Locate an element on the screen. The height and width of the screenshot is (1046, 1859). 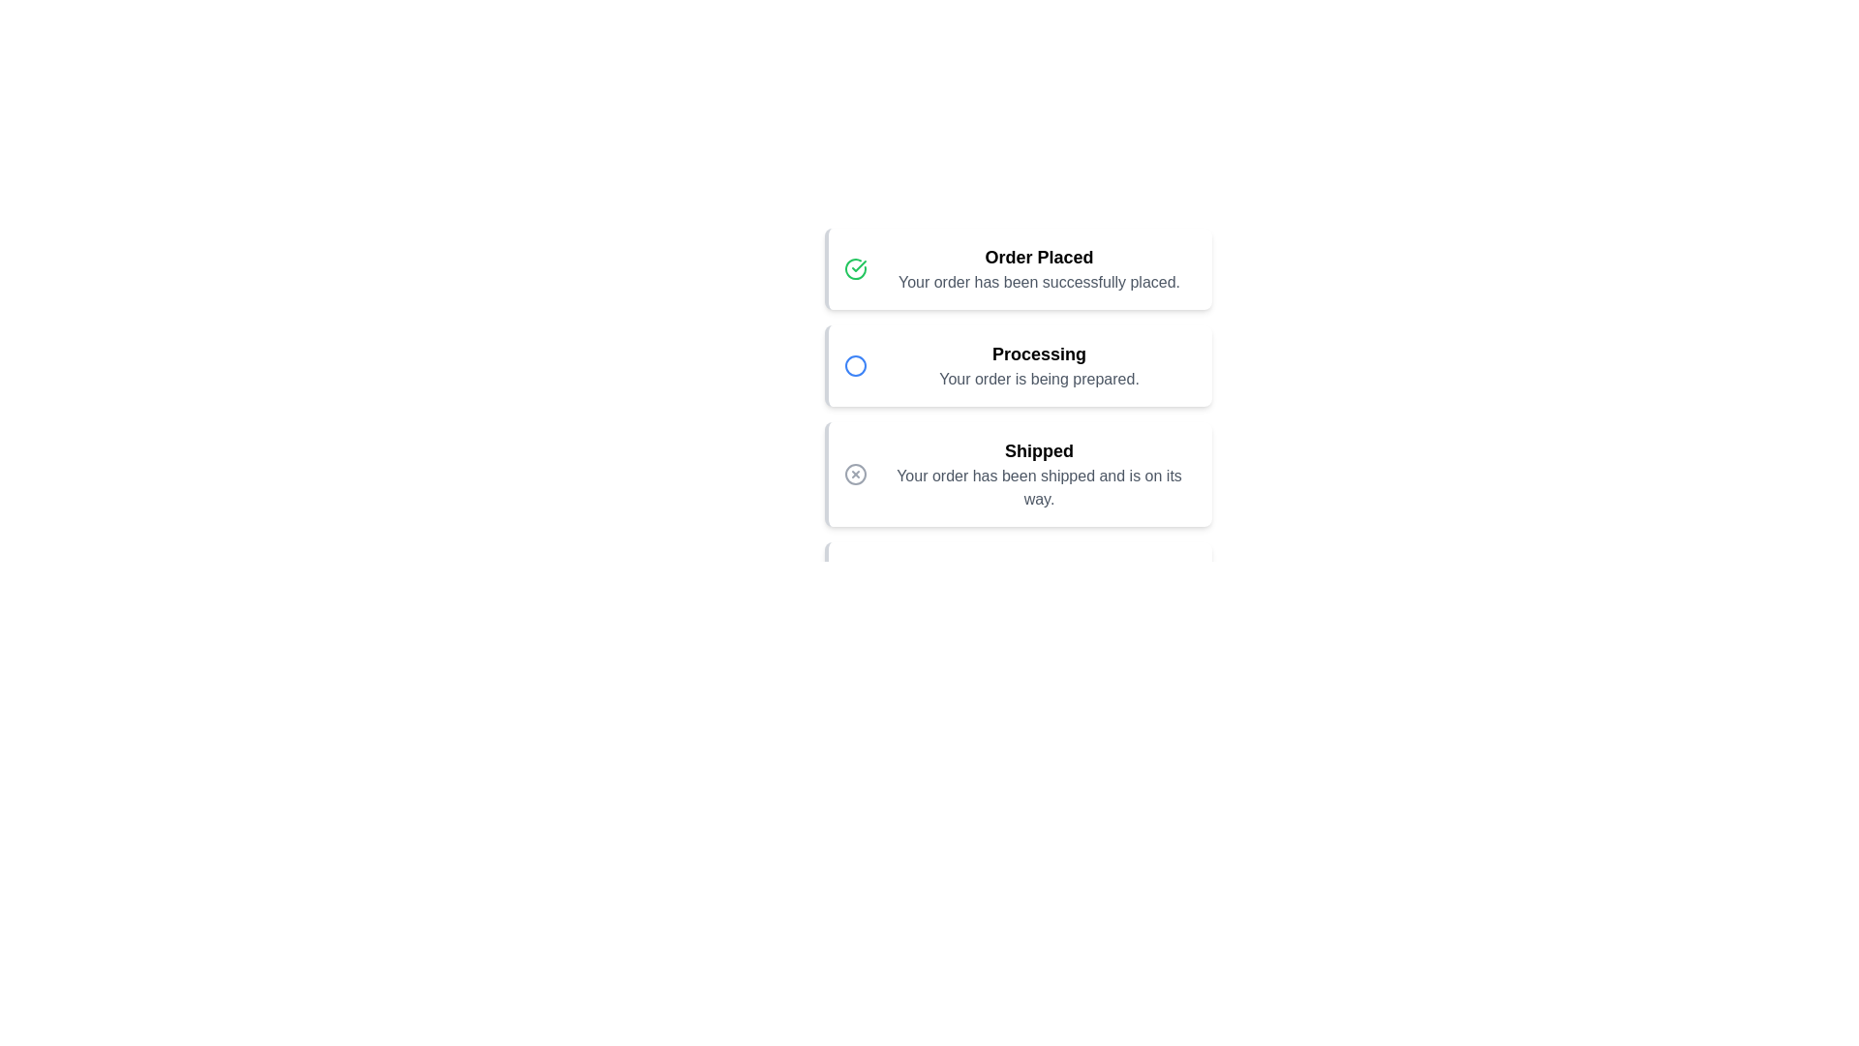
the Order Placed icon to reveal additional information is located at coordinates (854, 268).